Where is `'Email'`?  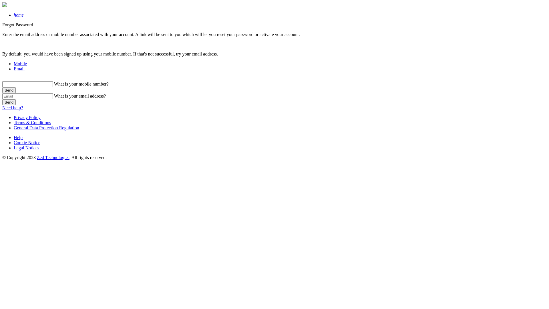
'Email' is located at coordinates (19, 68).